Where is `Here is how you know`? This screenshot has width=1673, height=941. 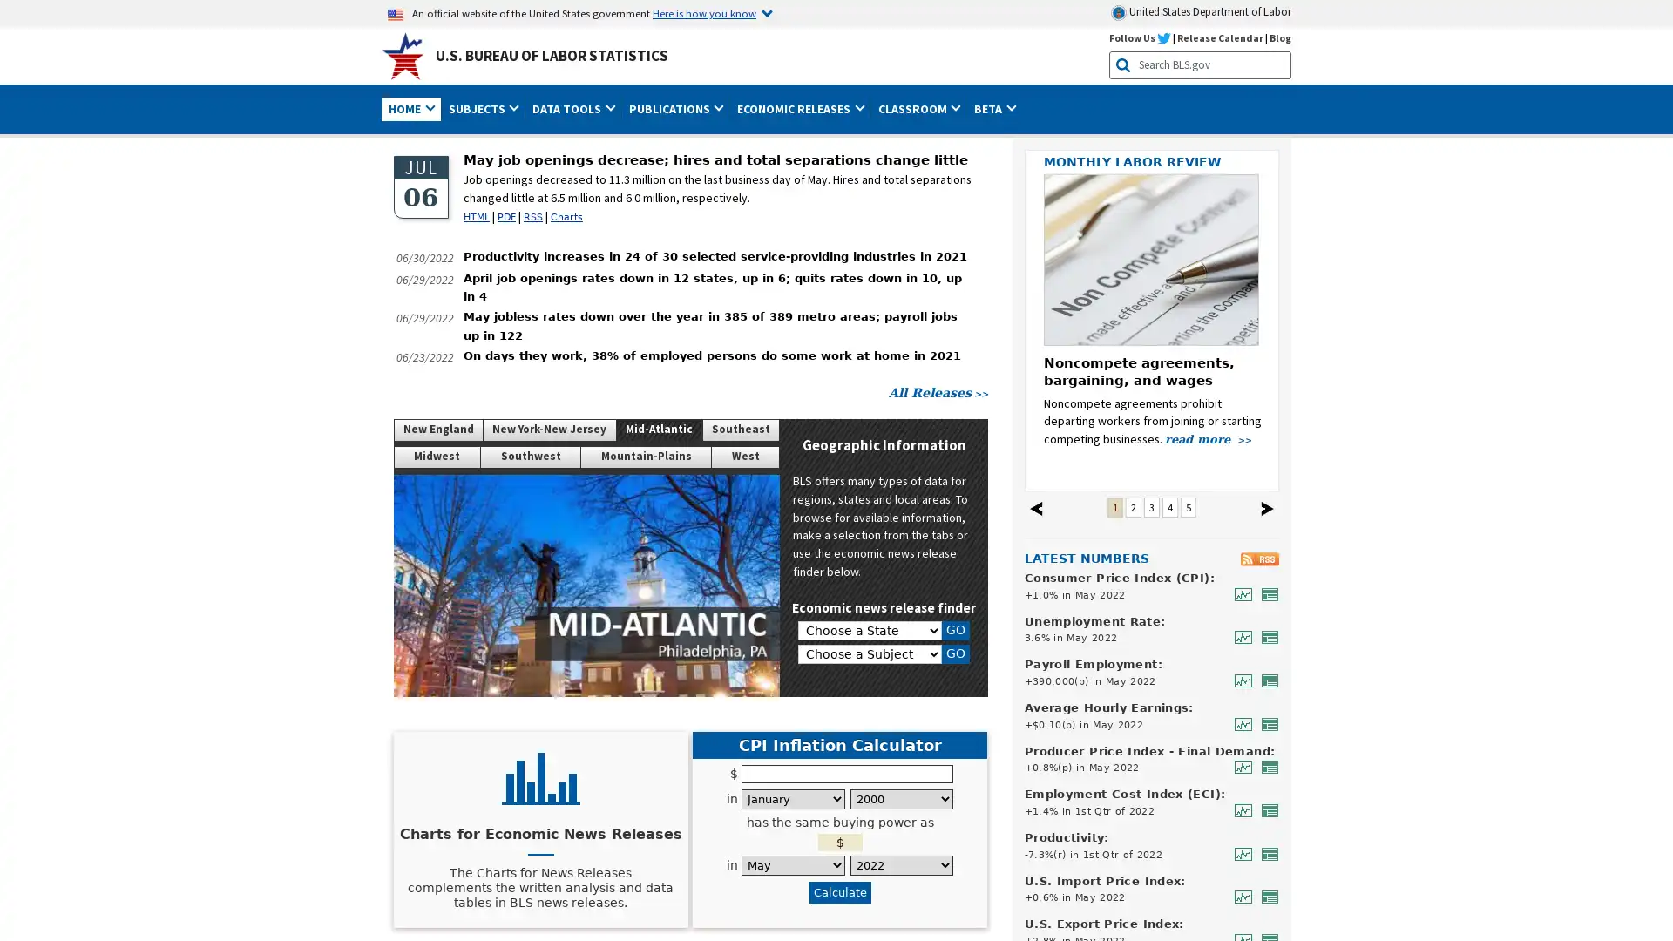
Here is how you know is located at coordinates (712, 13).